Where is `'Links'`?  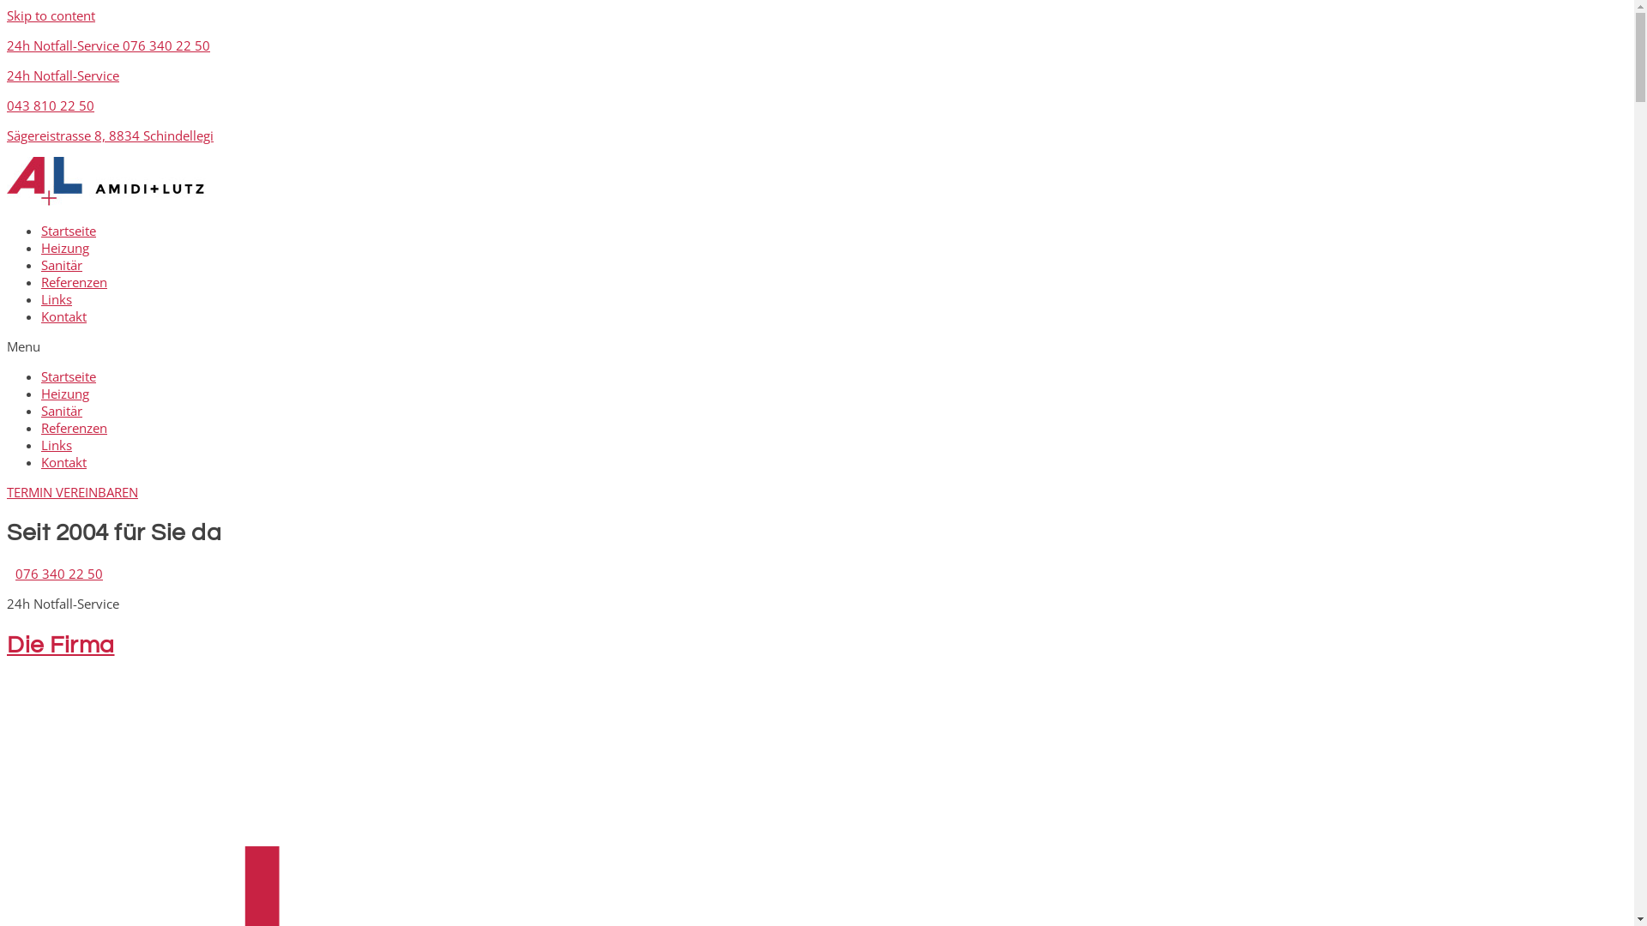 'Links' is located at coordinates (41, 444).